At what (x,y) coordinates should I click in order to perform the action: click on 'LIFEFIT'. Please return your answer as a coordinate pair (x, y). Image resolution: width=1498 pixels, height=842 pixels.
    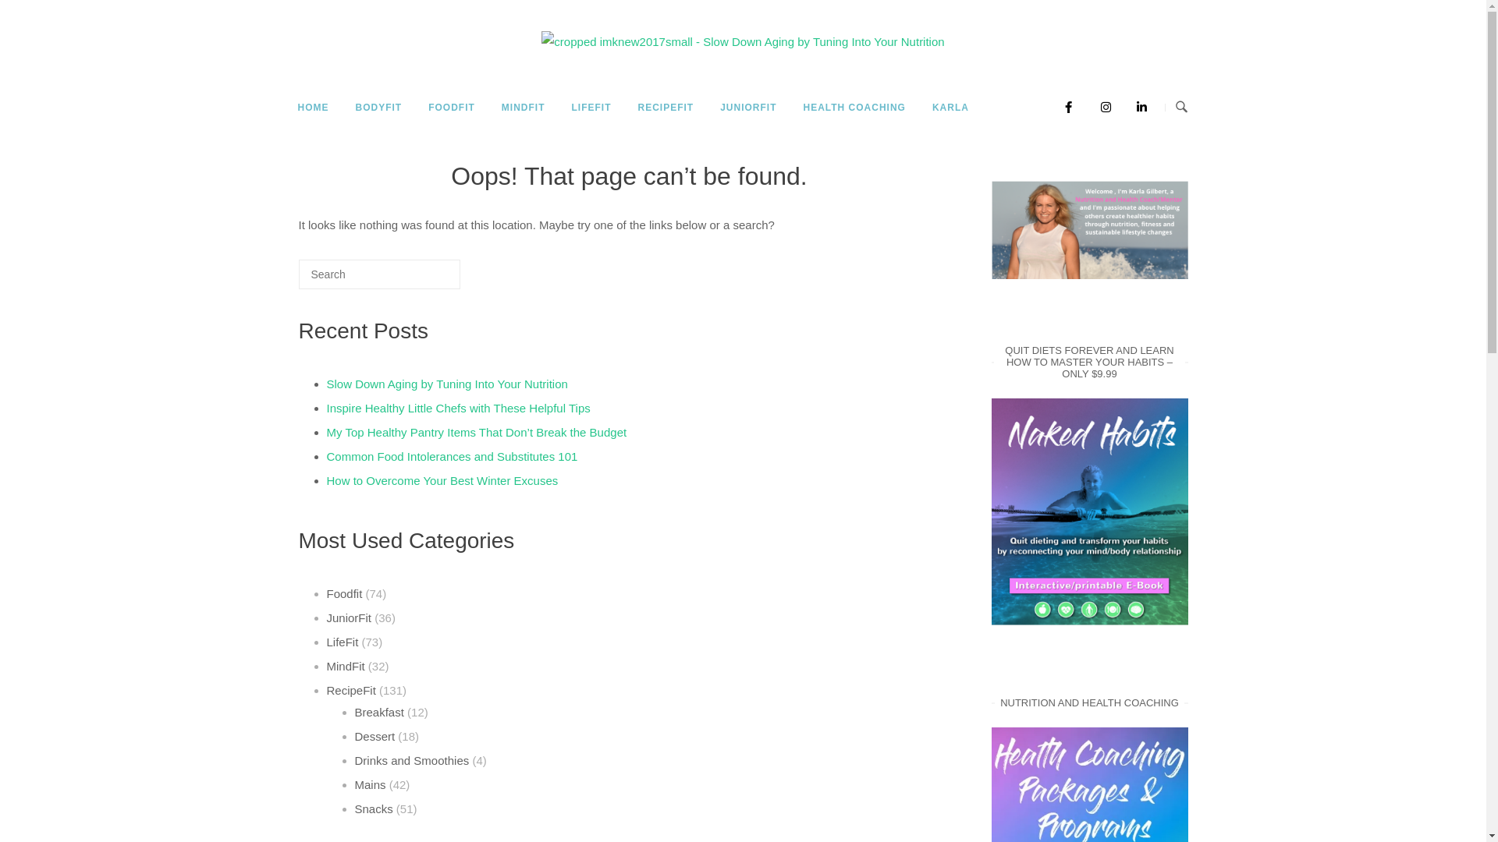
    Looking at the image, I should click on (560, 107).